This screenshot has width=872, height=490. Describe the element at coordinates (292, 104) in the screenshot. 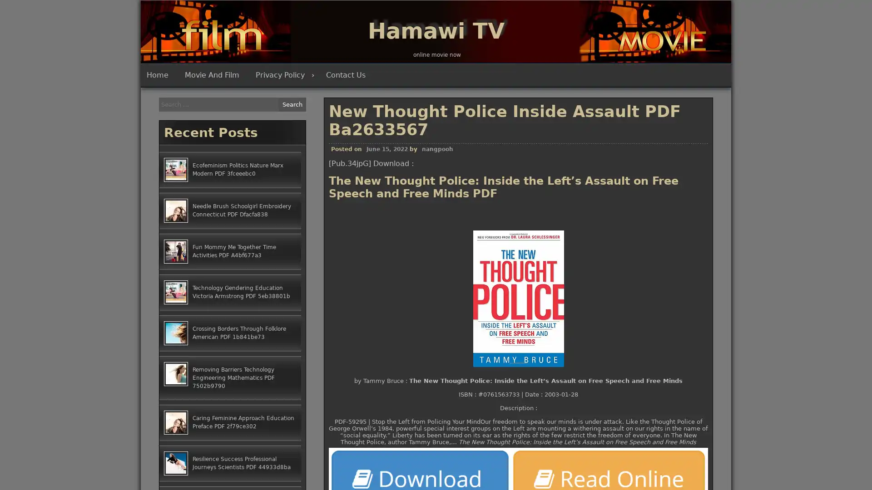

I see `Search` at that location.